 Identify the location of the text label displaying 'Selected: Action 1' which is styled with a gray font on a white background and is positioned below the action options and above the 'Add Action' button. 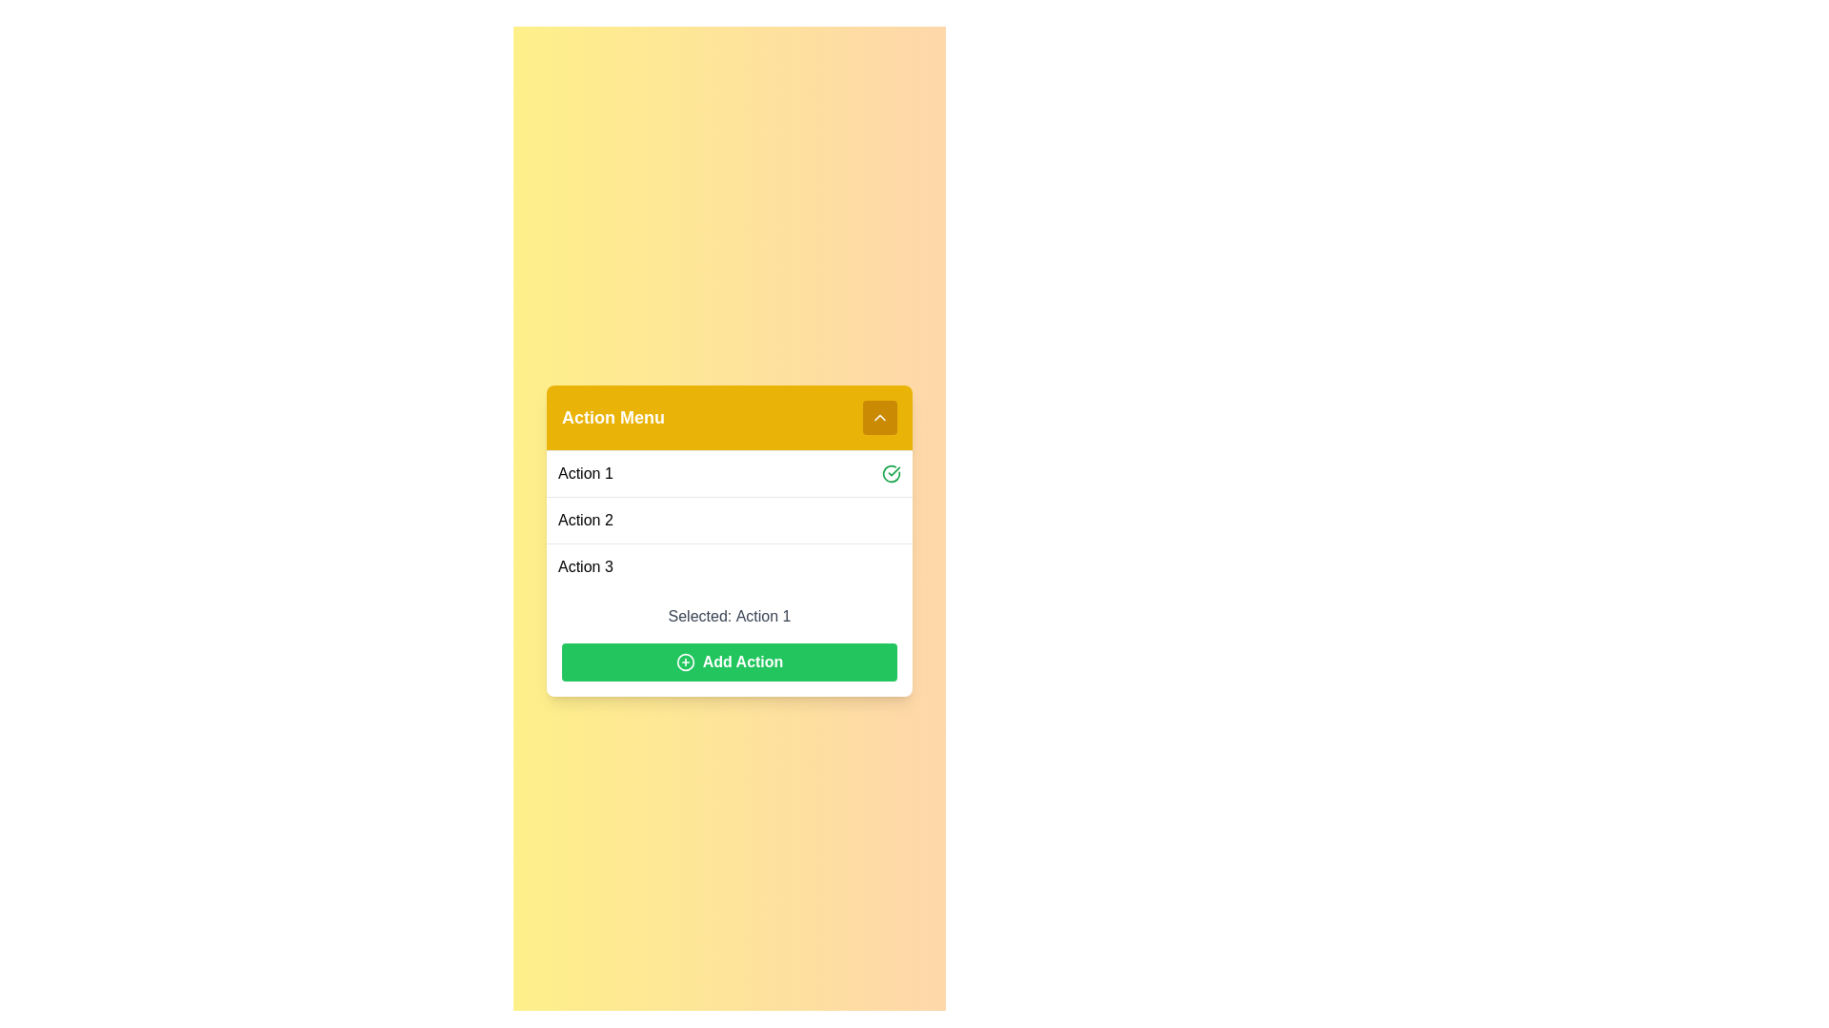
(729, 616).